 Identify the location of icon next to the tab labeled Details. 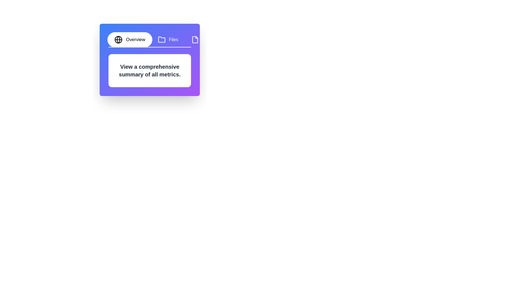
(195, 39).